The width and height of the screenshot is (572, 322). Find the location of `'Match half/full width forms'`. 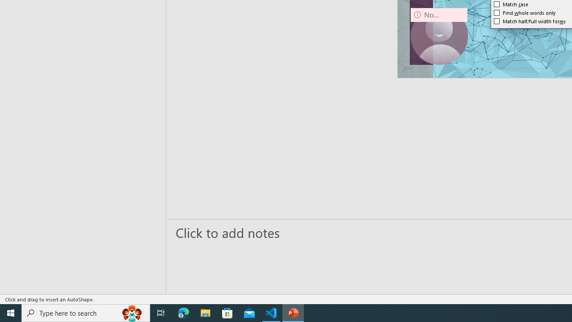

'Match half/full width forms' is located at coordinates (530, 21).